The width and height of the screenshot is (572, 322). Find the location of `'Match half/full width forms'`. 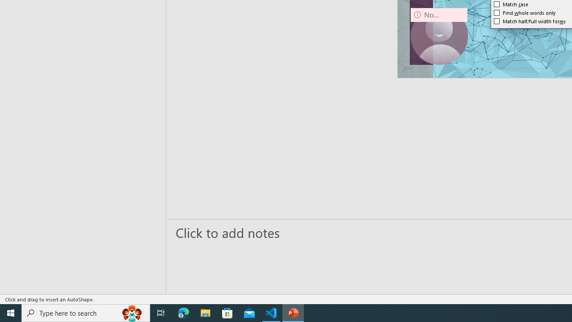

'Match half/full width forms' is located at coordinates (530, 21).